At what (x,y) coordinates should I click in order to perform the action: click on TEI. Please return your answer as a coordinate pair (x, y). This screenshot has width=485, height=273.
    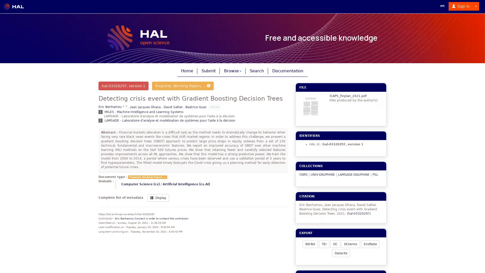
    Looking at the image, I should click on (324, 243).